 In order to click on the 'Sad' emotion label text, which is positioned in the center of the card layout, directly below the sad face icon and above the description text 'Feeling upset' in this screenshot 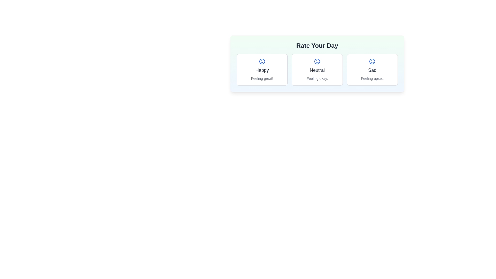, I will do `click(372, 70)`.